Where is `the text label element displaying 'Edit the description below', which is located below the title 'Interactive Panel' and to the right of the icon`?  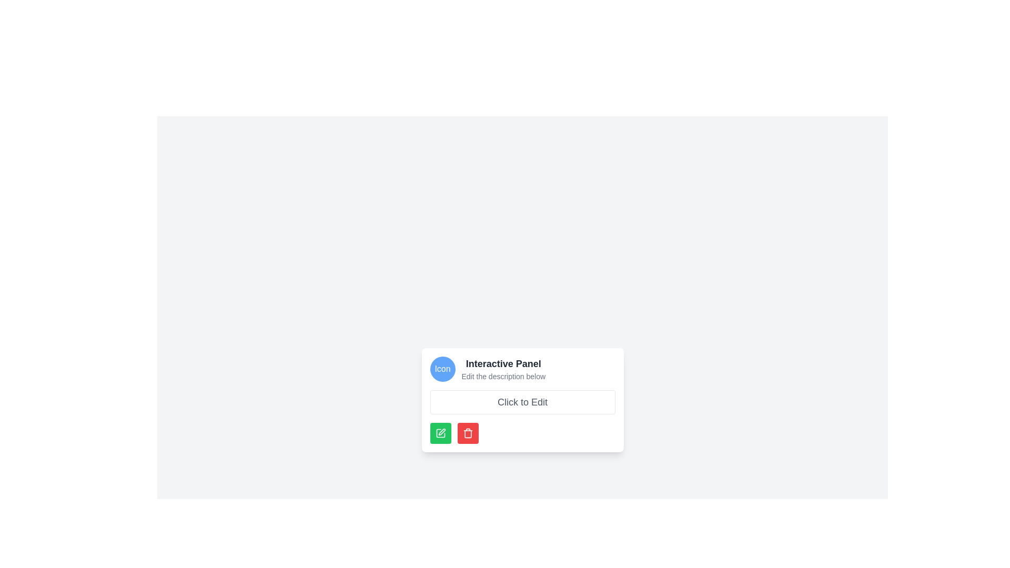
the text label element displaying 'Edit the description below', which is located below the title 'Interactive Panel' and to the right of the icon is located at coordinates (503, 376).